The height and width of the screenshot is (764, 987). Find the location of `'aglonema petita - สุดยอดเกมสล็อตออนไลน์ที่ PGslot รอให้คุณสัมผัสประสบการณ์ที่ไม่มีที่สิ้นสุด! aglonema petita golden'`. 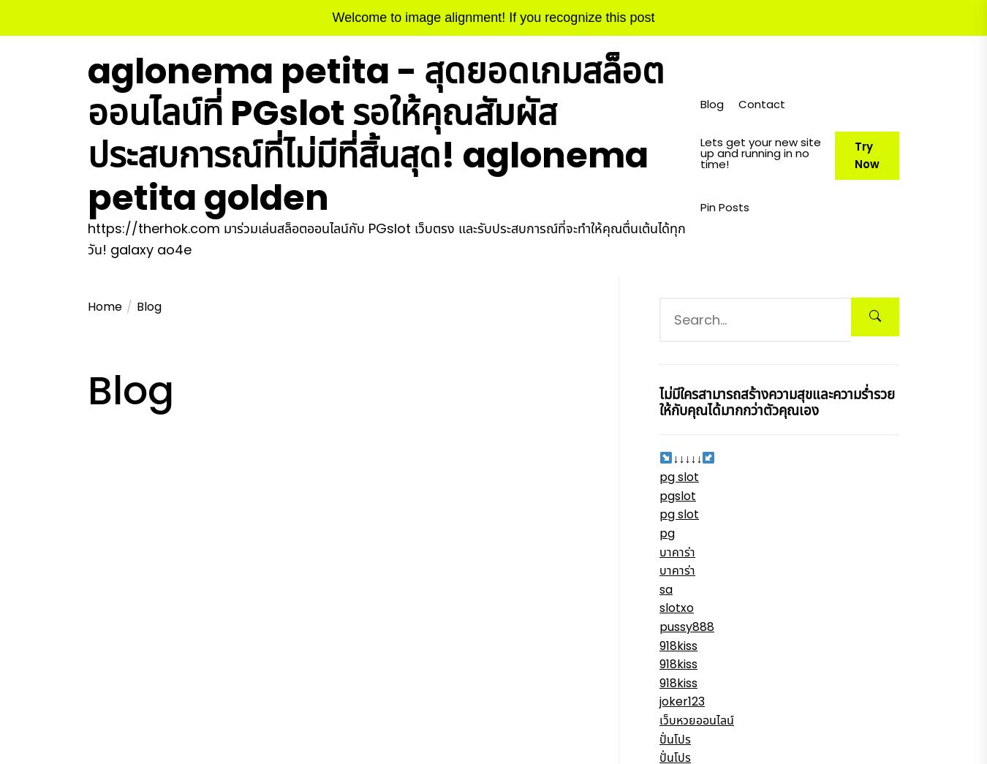

'aglonema petita - สุดยอดเกมสล็อตออนไลน์ที่ PGslot รอให้คุณสัมผัสประสบการณ์ที่ไม่มีที่สิ้นสุด! aglonema petita golden' is located at coordinates (375, 133).